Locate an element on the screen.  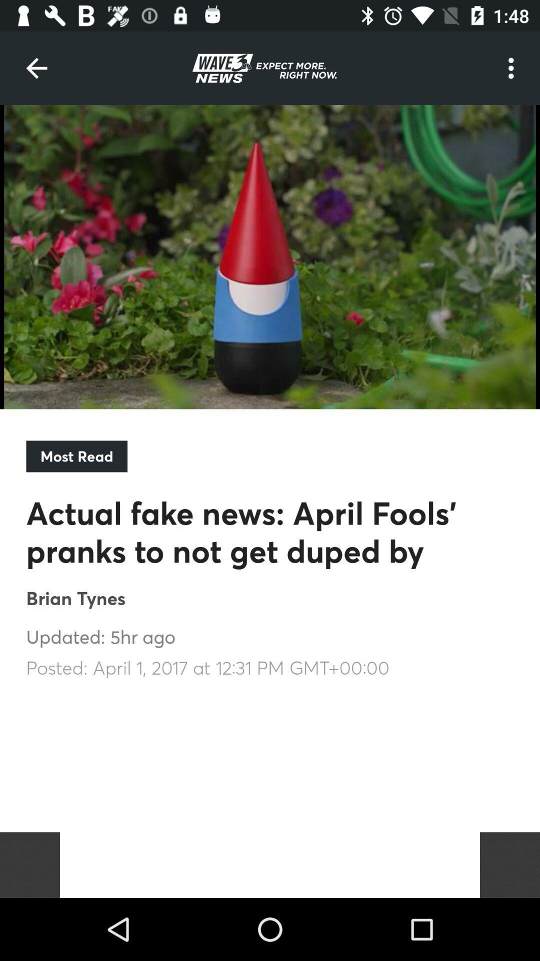
the item below posted april 1 item is located at coordinates (270, 864).